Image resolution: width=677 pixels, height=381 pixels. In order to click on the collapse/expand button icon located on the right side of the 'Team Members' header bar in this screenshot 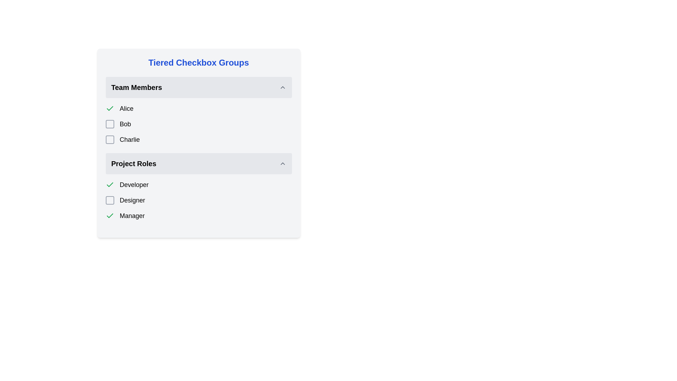, I will do `click(282, 87)`.